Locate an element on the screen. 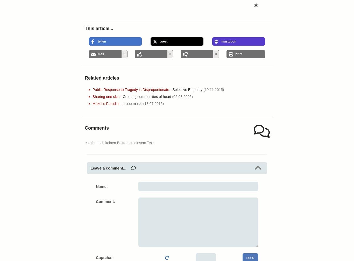 This screenshot has height=261, width=354. 'mail' is located at coordinates (101, 54).